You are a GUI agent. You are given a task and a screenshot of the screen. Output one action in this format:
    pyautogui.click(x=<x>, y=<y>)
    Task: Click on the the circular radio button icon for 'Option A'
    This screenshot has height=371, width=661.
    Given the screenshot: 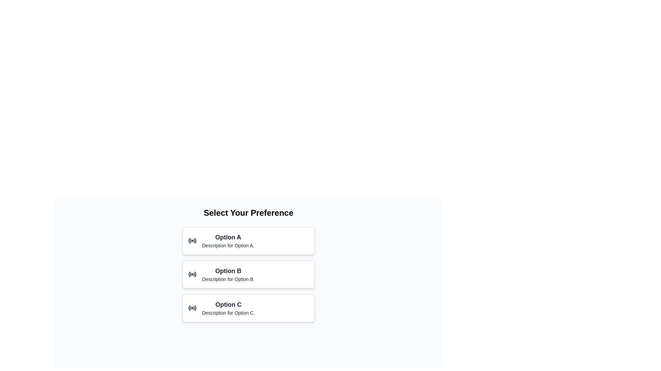 What is the action you would take?
    pyautogui.click(x=192, y=240)
    